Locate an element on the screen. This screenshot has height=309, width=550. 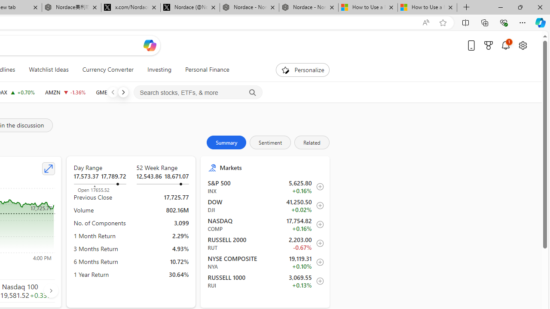
'Watchlist Ideas' is located at coordinates (48, 70).